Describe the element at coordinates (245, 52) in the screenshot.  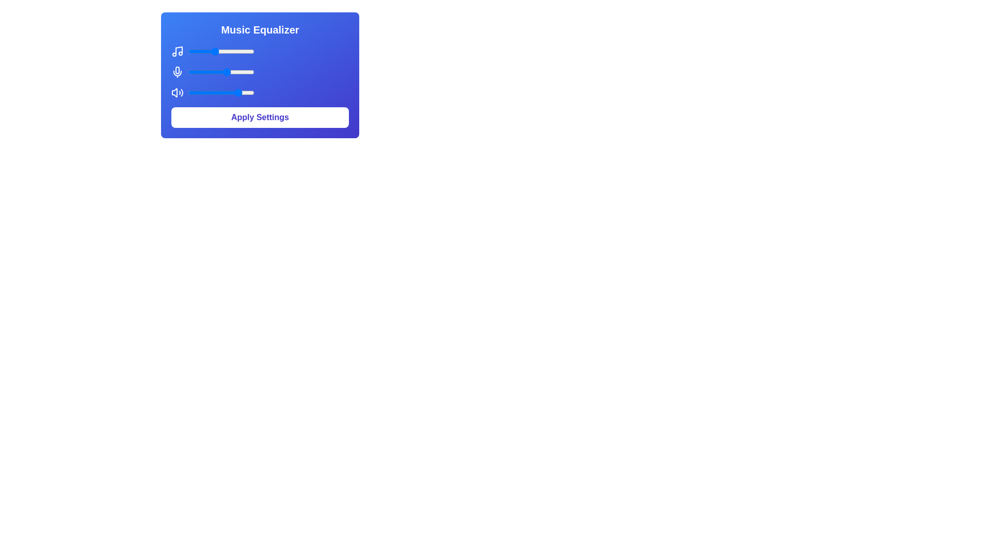
I see `the music level` at that location.